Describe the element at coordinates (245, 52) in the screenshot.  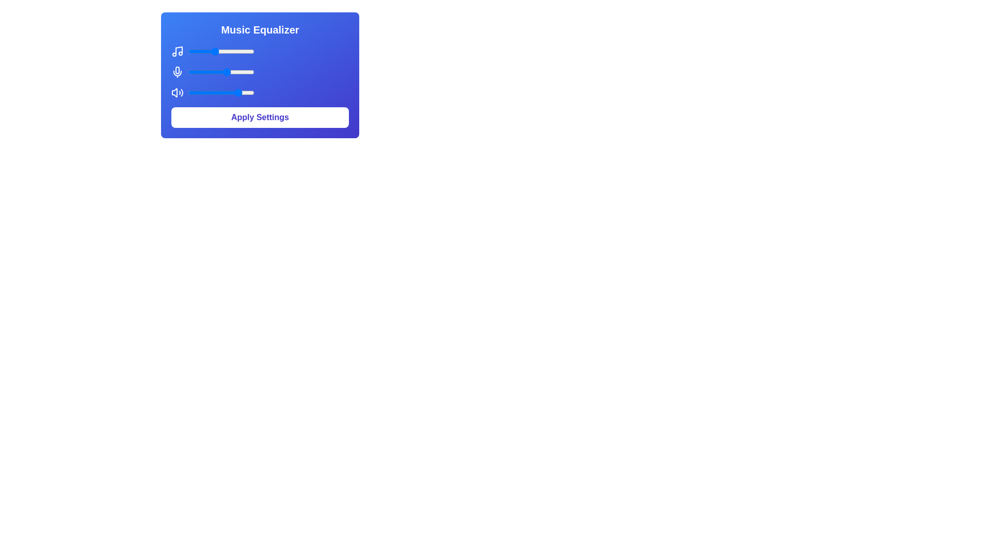
I see `the music level` at that location.